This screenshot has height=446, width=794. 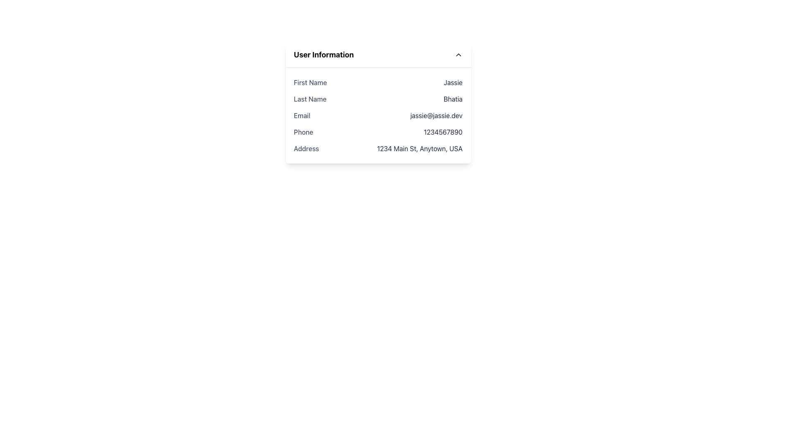 I want to click on the static text label indicating the user's first name in the 'User Information' section, which is positioned to the left of the value 'Jassie', so click(x=310, y=83).